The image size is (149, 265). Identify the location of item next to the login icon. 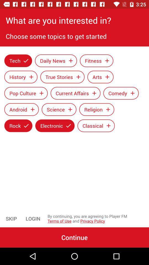
(11, 219).